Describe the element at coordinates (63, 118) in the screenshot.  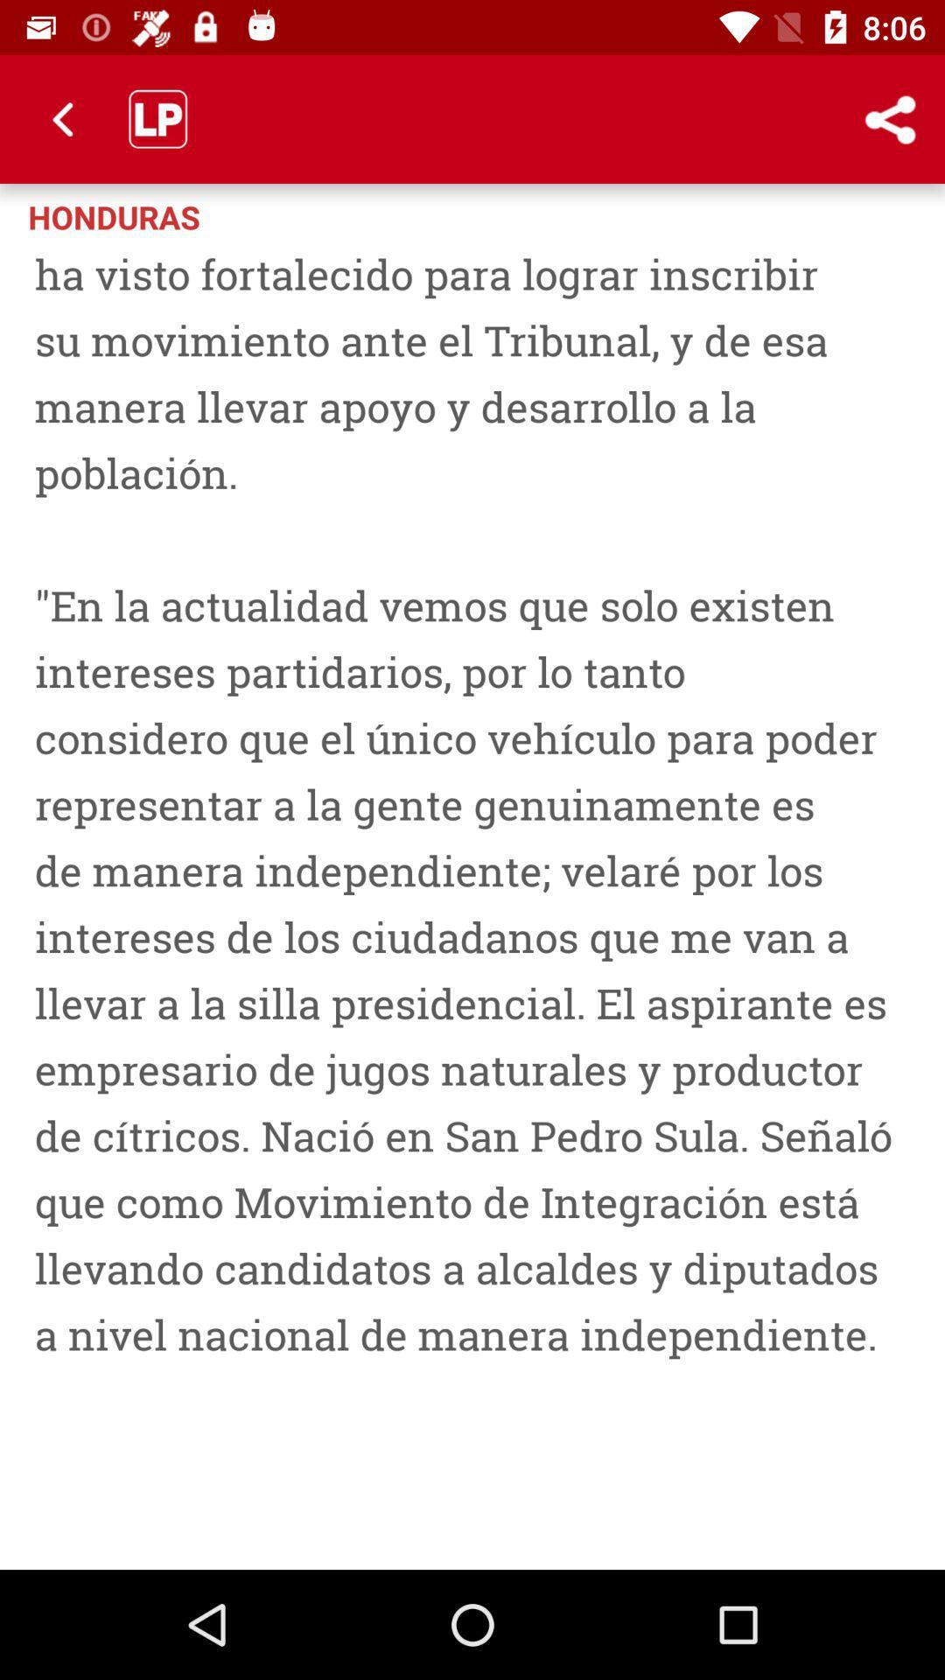
I see `icon above honduras` at that location.